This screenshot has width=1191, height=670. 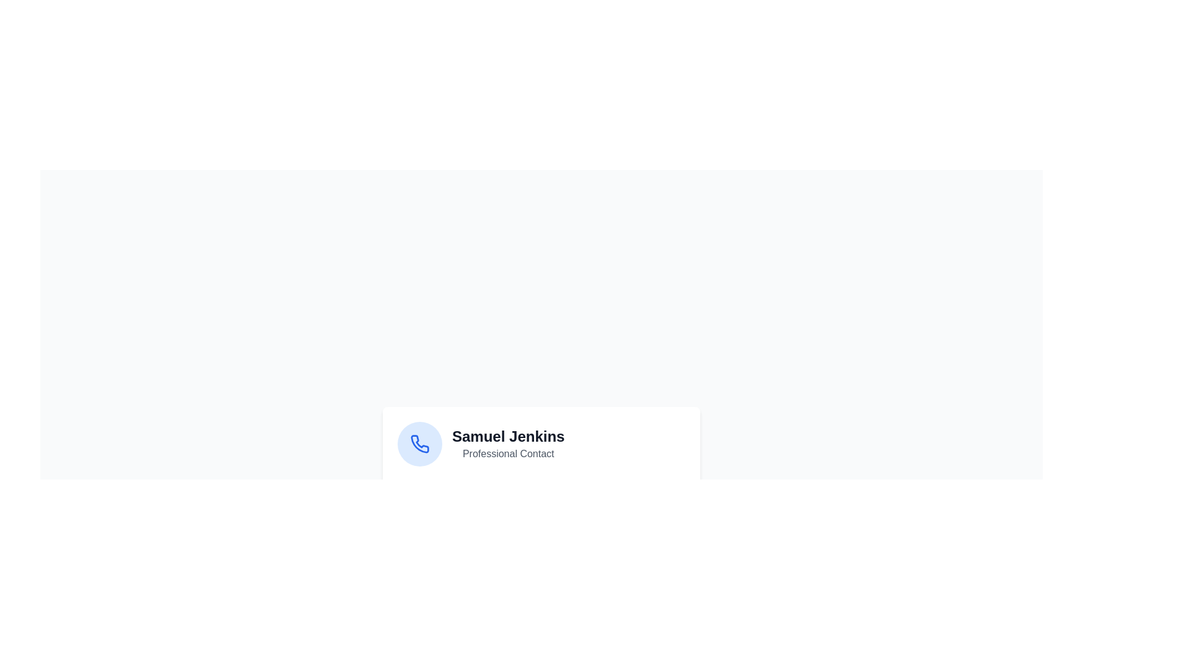 What do you see at coordinates (419, 444) in the screenshot?
I see `the phone SVG icon with a light blue circular background located to the left of the text 'Samuel Jenkins' to initiate a call or view contact details` at bounding box center [419, 444].